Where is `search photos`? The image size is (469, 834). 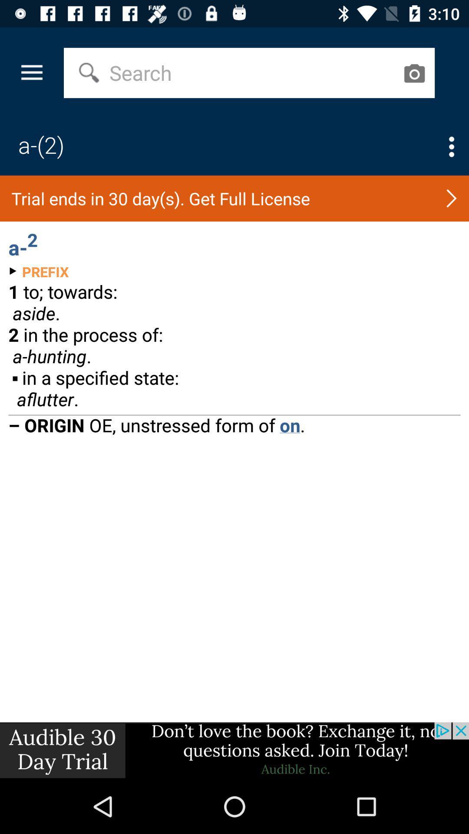 search photos is located at coordinates (413, 73).